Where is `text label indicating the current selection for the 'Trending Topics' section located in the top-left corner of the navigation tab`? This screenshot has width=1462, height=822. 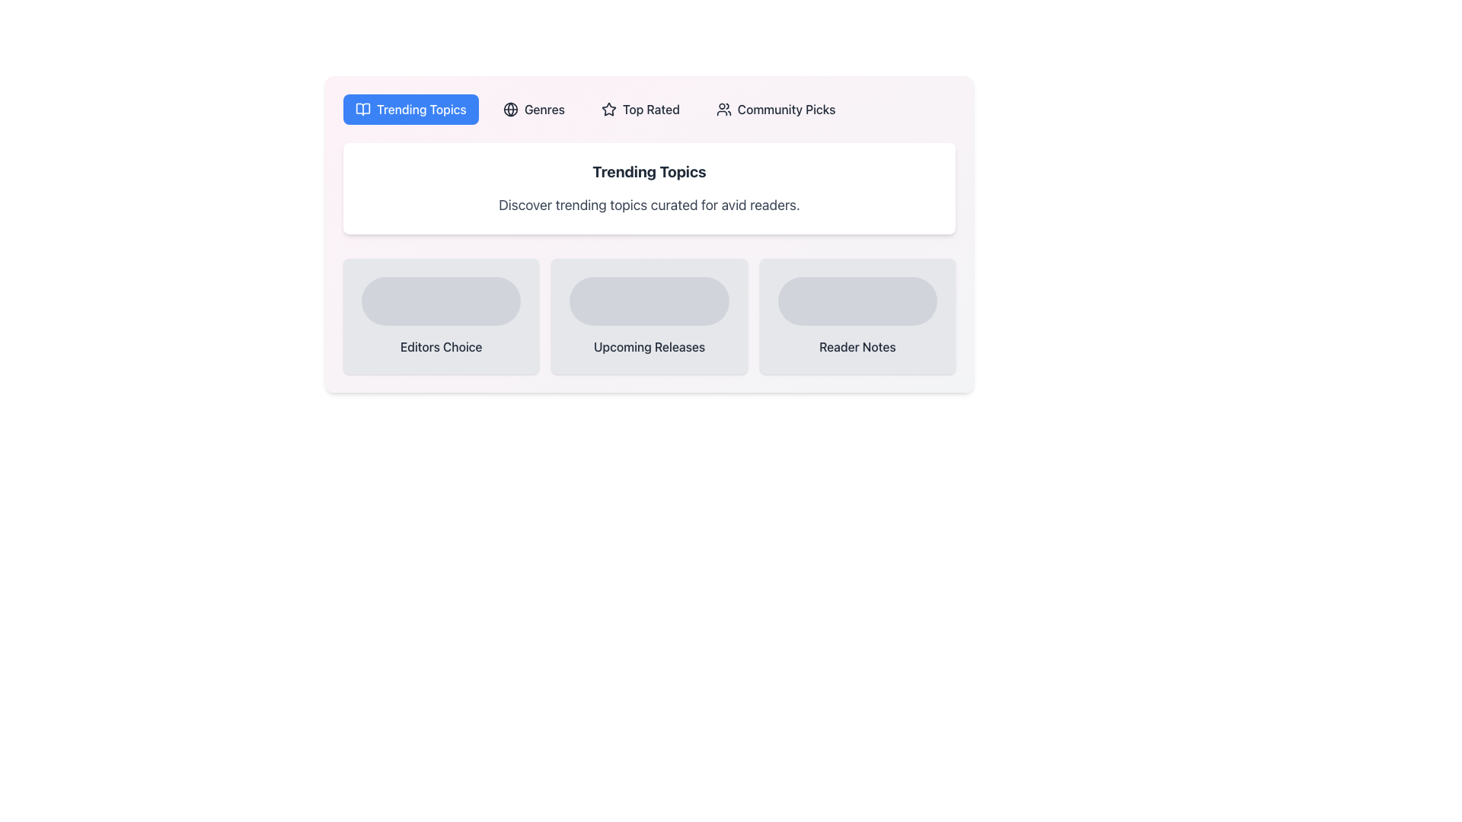
text label indicating the current selection for the 'Trending Topics' section located in the top-left corner of the navigation tab is located at coordinates (421, 108).